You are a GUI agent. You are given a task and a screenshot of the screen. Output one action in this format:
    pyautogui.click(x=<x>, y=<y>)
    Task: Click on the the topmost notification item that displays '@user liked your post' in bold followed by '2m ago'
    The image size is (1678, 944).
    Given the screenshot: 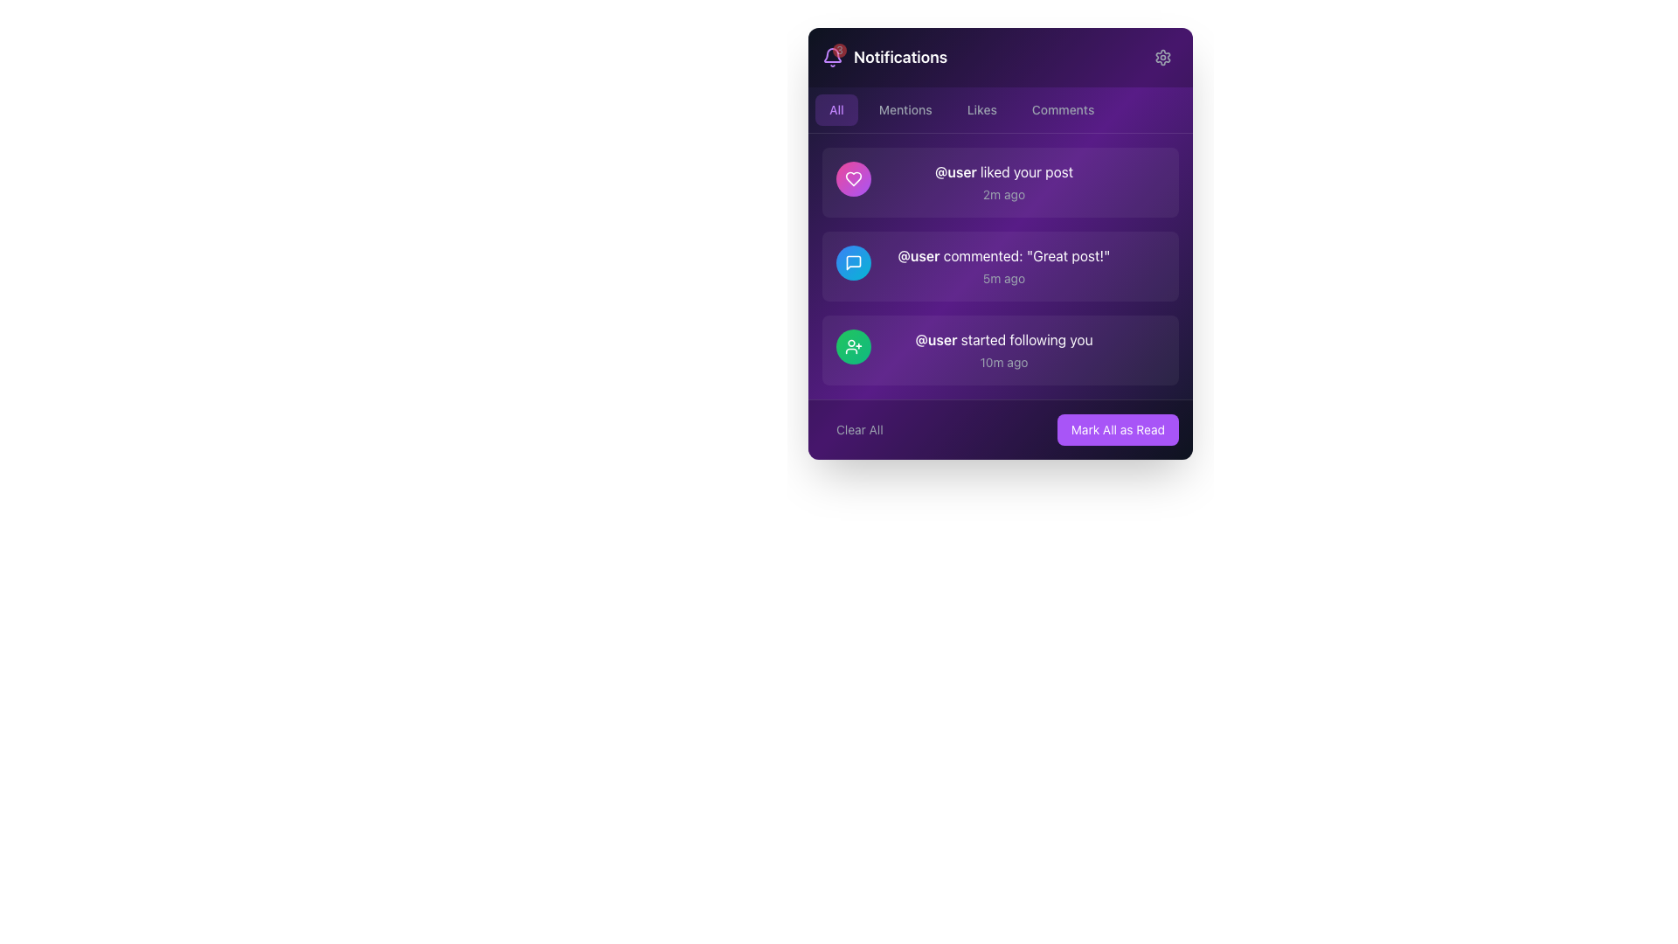 What is the action you would take?
    pyautogui.click(x=1001, y=182)
    